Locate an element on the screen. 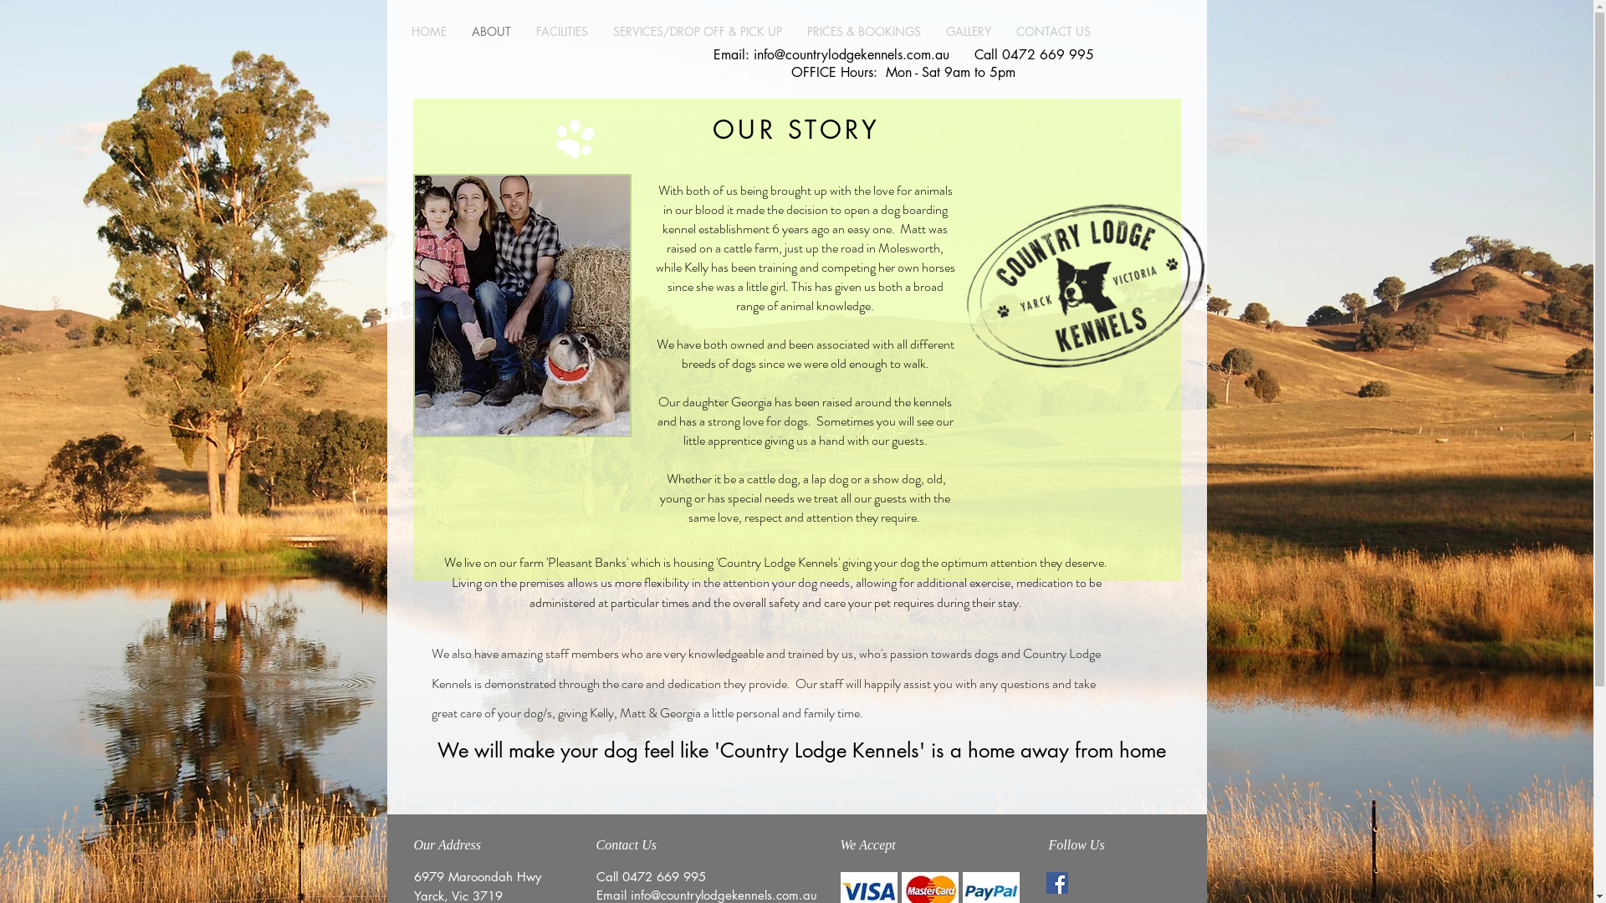  'HOME' is located at coordinates (429, 32).